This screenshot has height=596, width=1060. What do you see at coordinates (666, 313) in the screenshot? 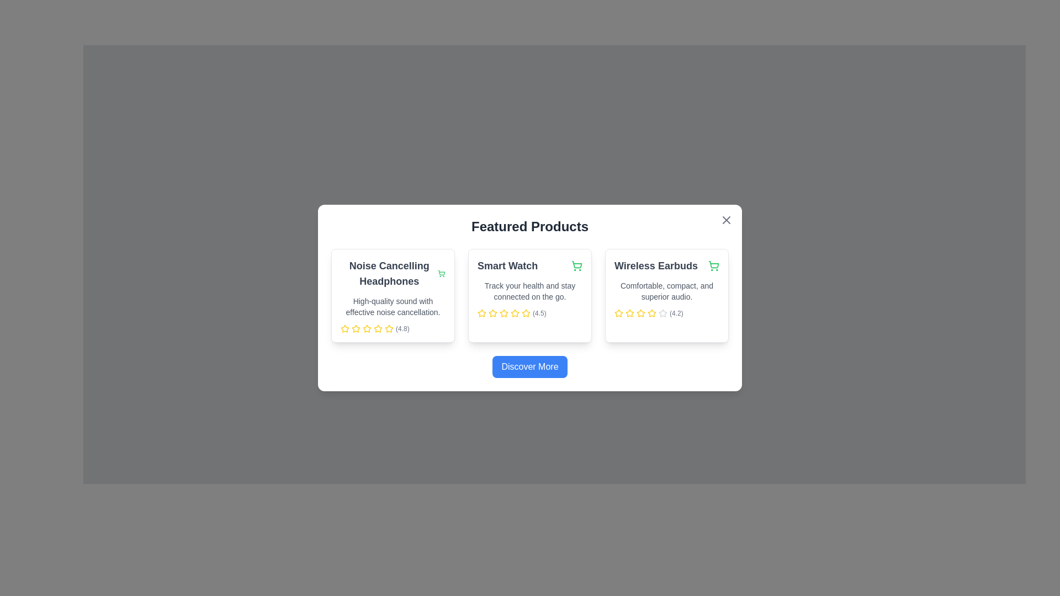
I see `the rating display of the Wireless Earbuds card, which consists of five stars (four filled with yellow and one outlined in gray) and the text '(4.2)' to indicate the score` at bounding box center [666, 313].